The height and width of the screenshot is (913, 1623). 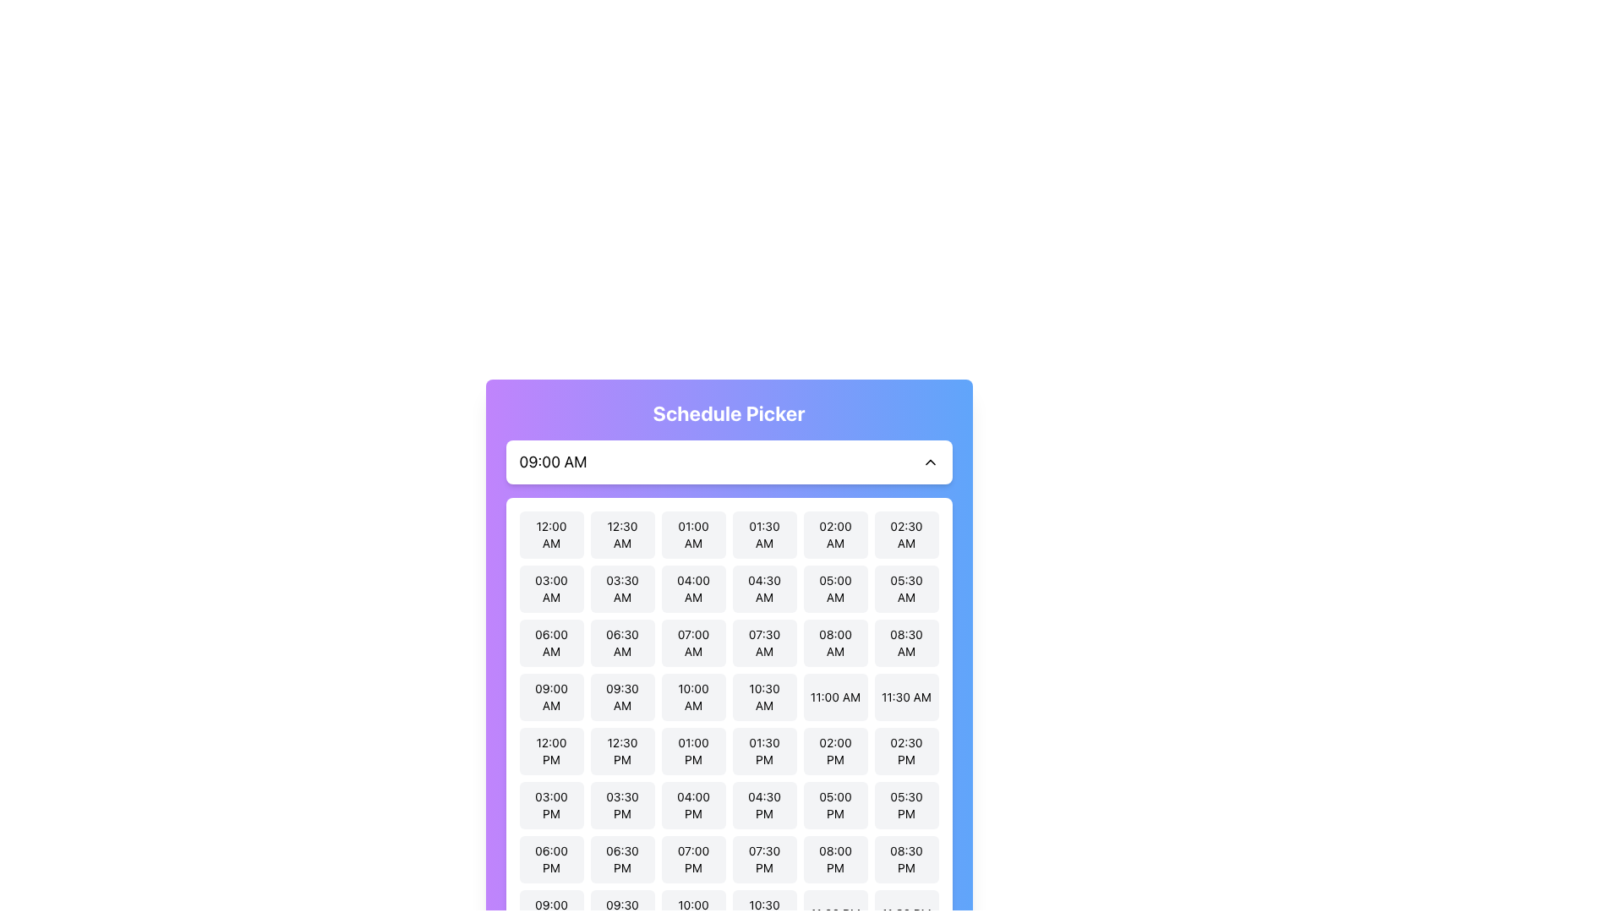 I want to click on the button labeled '09:00 AM', so click(x=551, y=697).